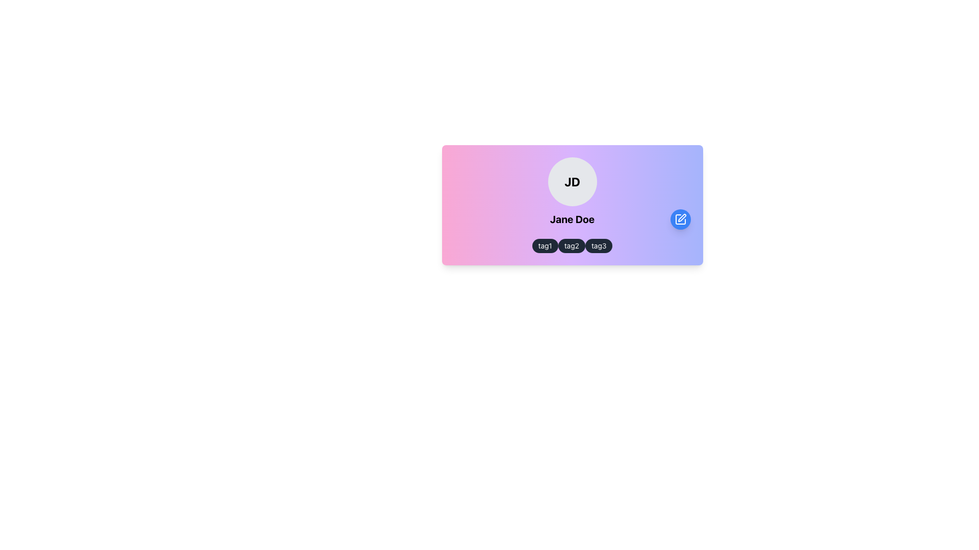 The image size is (979, 550). What do you see at coordinates (680, 219) in the screenshot?
I see `the pen-shaped icon with a blue outline, located within a blue circular button at the top-right corner of the card layout` at bounding box center [680, 219].